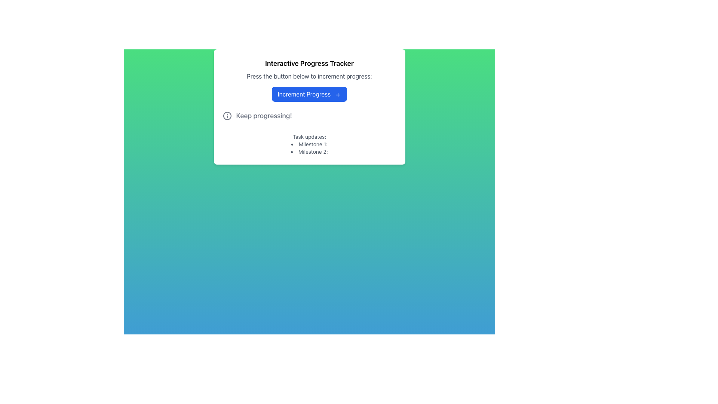 The width and height of the screenshot is (718, 404). Describe the element at coordinates (338, 94) in the screenshot. I see `the minimalist blue plus icon located to the right of the 'Increment Progress' button, which serves as a visual cue for the button's purpose` at that location.